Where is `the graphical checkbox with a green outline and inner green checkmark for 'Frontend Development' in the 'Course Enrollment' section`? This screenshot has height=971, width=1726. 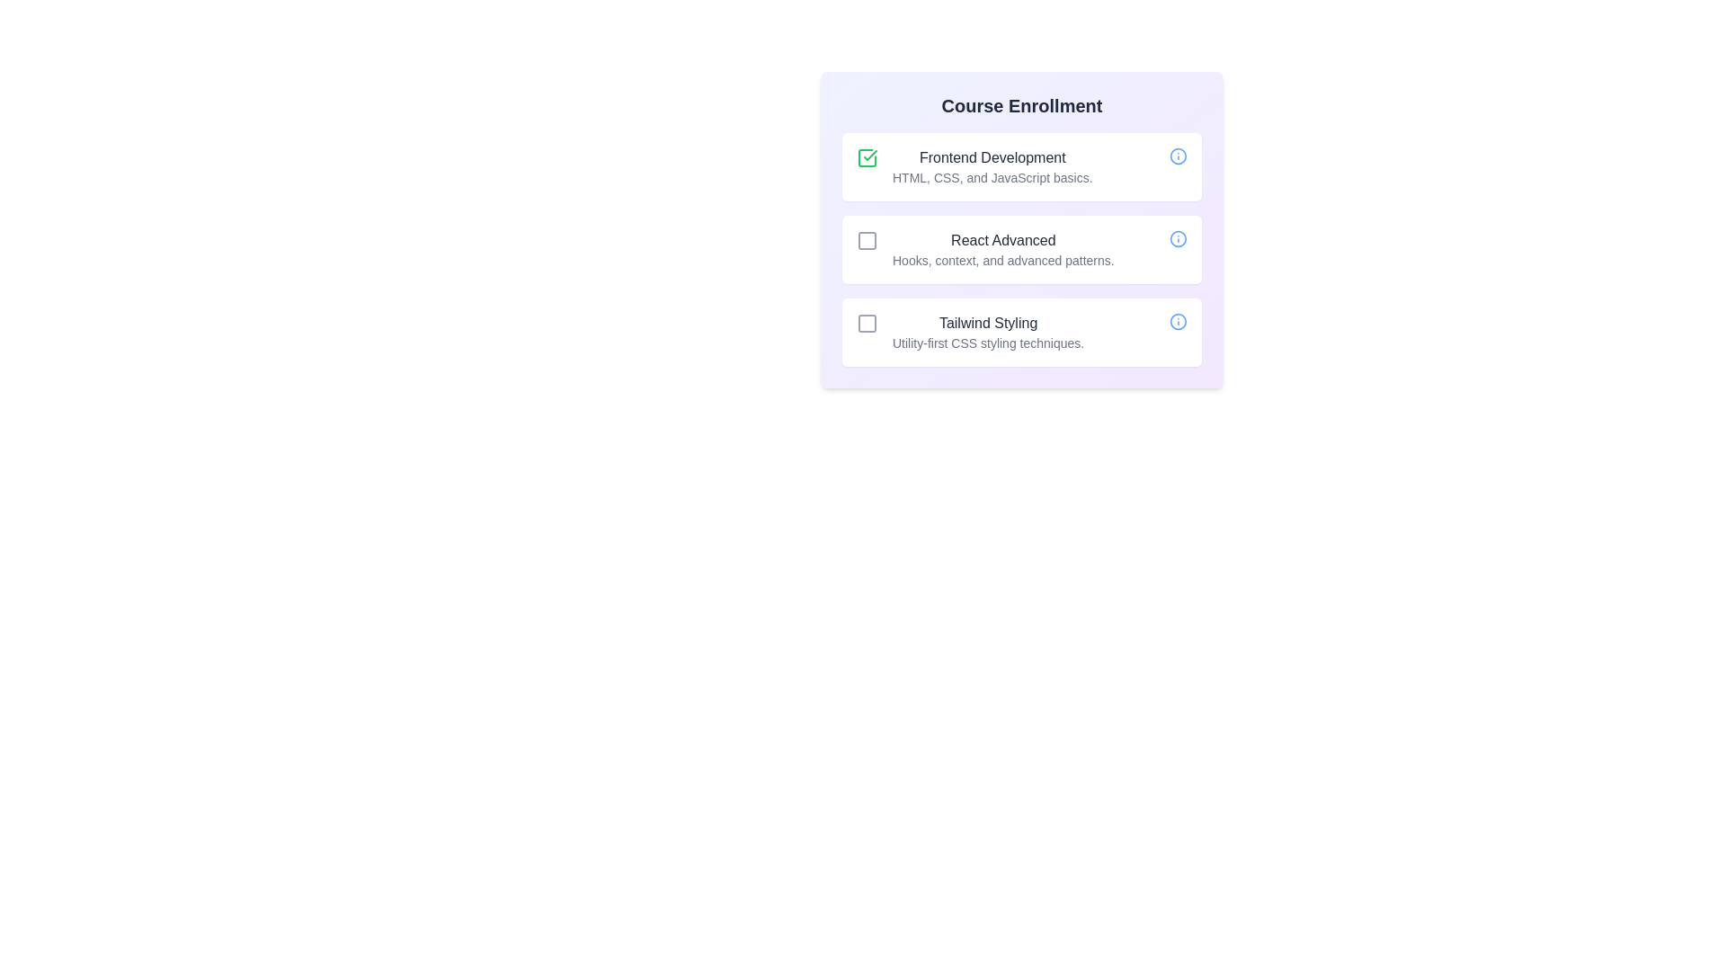 the graphical checkbox with a green outline and inner green checkmark for 'Frontend Development' in the 'Course Enrollment' section is located at coordinates (867, 157).